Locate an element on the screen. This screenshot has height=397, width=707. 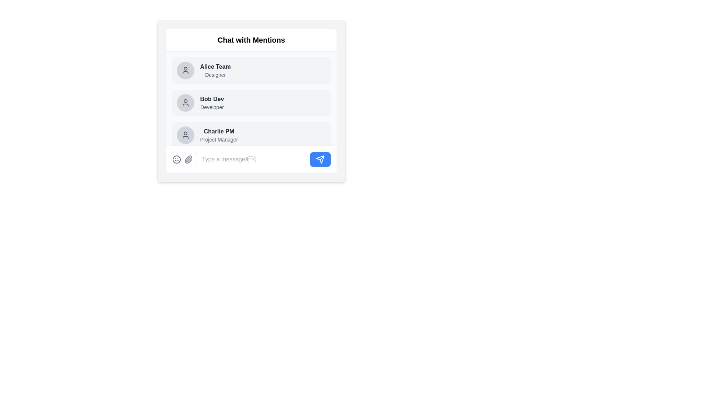
the paperclip icon located in the bottom input area of the chat interface to initiate the file attachment process is located at coordinates (188, 159).